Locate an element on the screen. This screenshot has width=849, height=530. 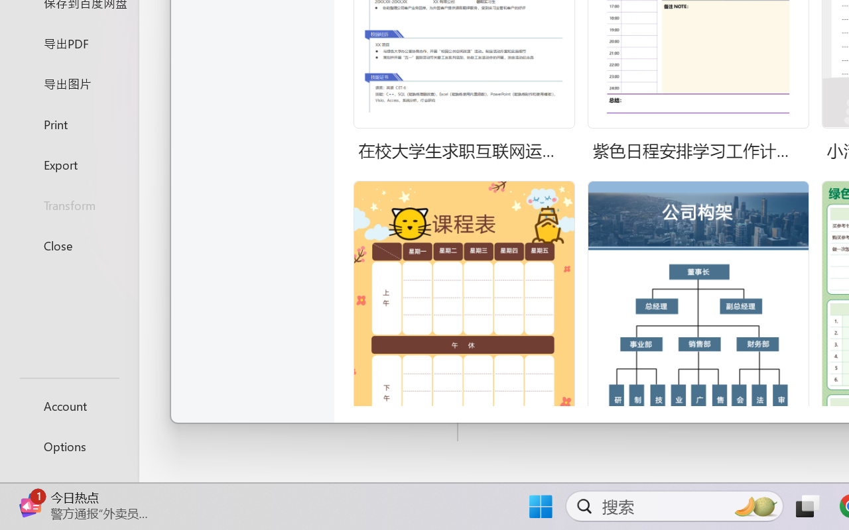
'Print' is located at coordinates (68, 123).